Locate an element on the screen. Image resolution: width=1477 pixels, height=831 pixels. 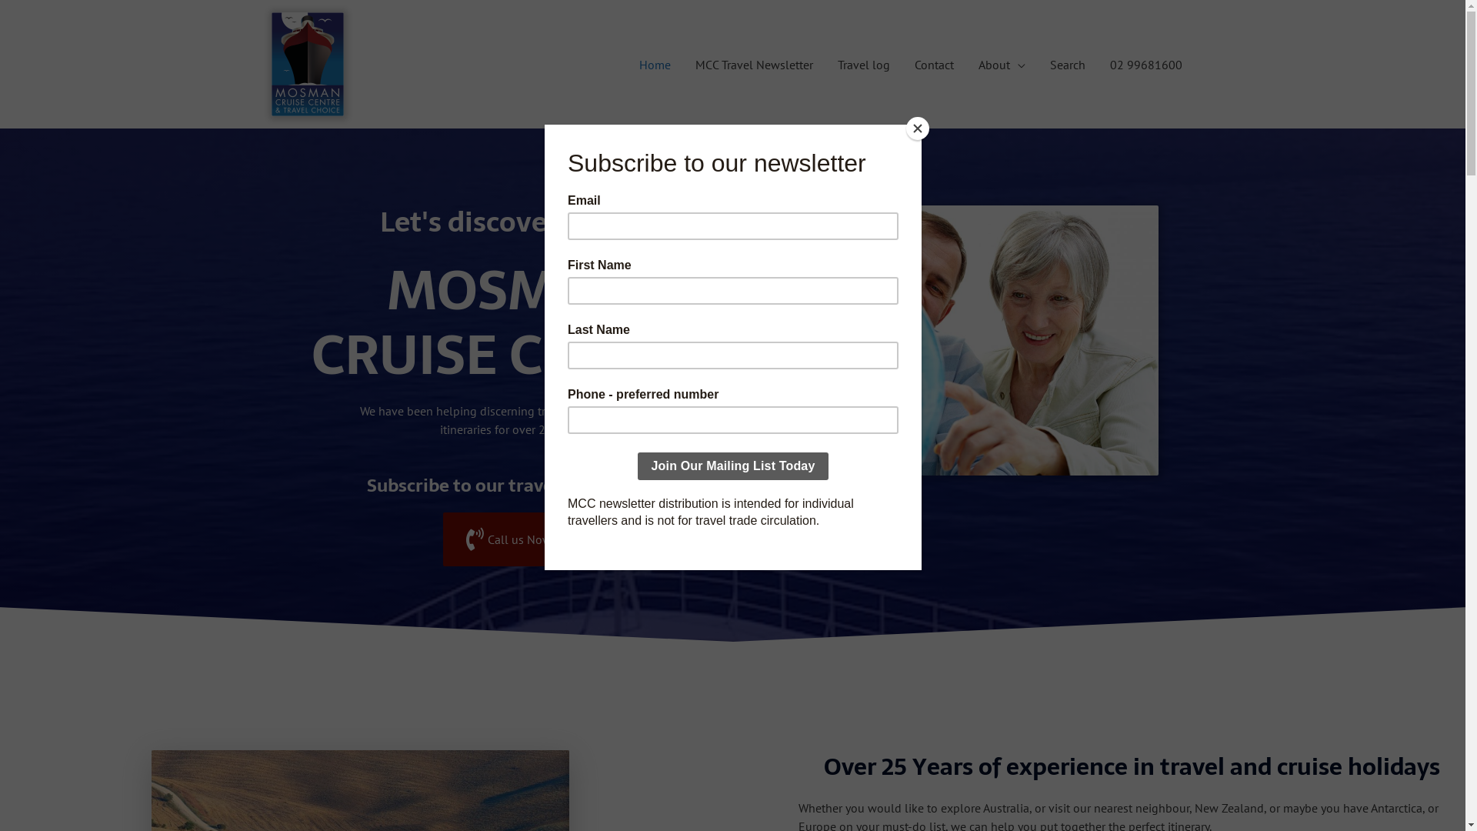
'Contact' is located at coordinates (932, 63).